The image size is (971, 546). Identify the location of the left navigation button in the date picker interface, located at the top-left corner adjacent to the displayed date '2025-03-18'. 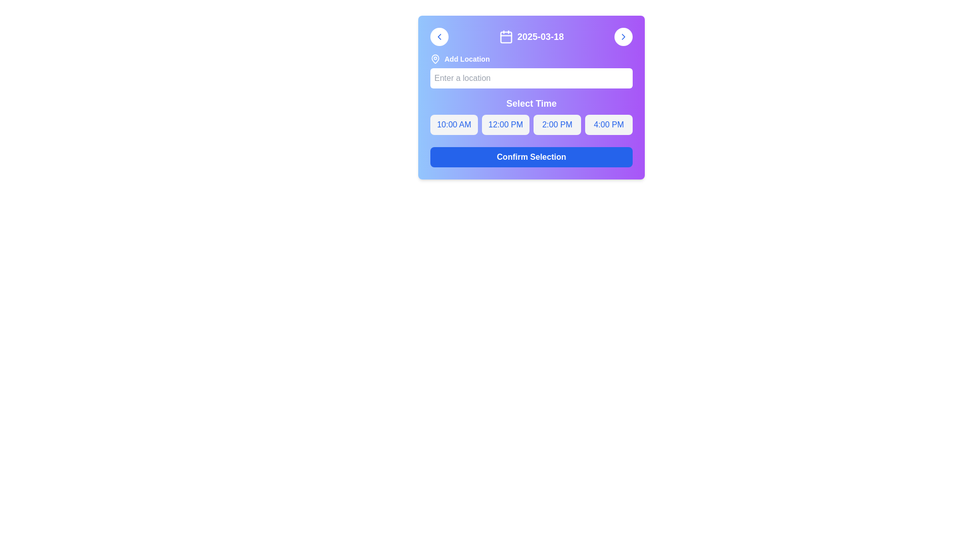
(439, 36).